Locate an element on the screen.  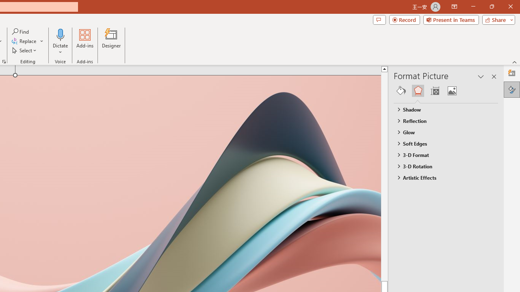
'Replace...' is located at coordinates (28, 41).